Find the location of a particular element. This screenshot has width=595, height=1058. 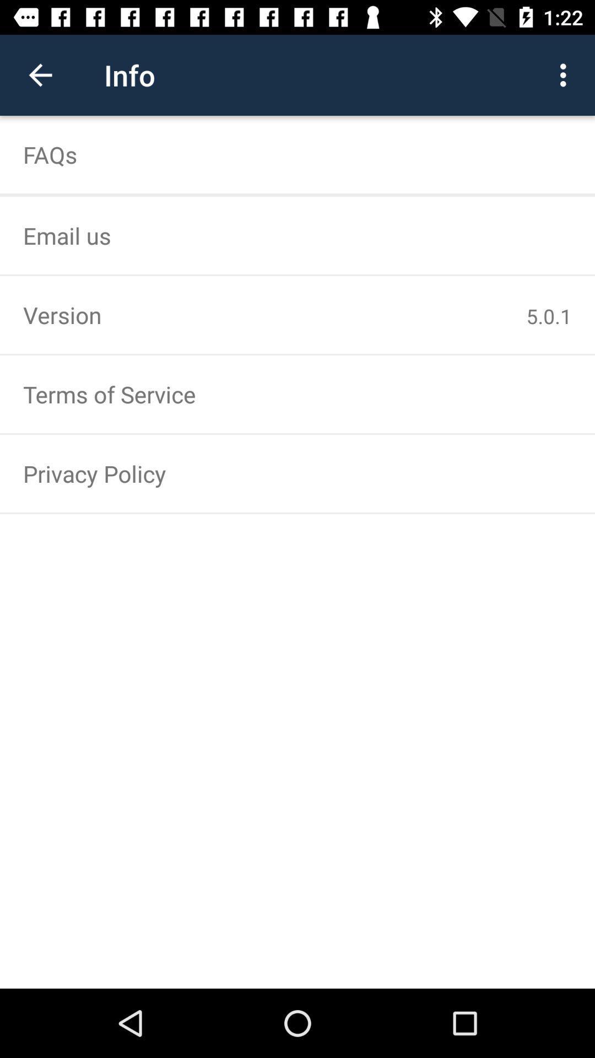

the email us icon is located at coordinates (297, 235).